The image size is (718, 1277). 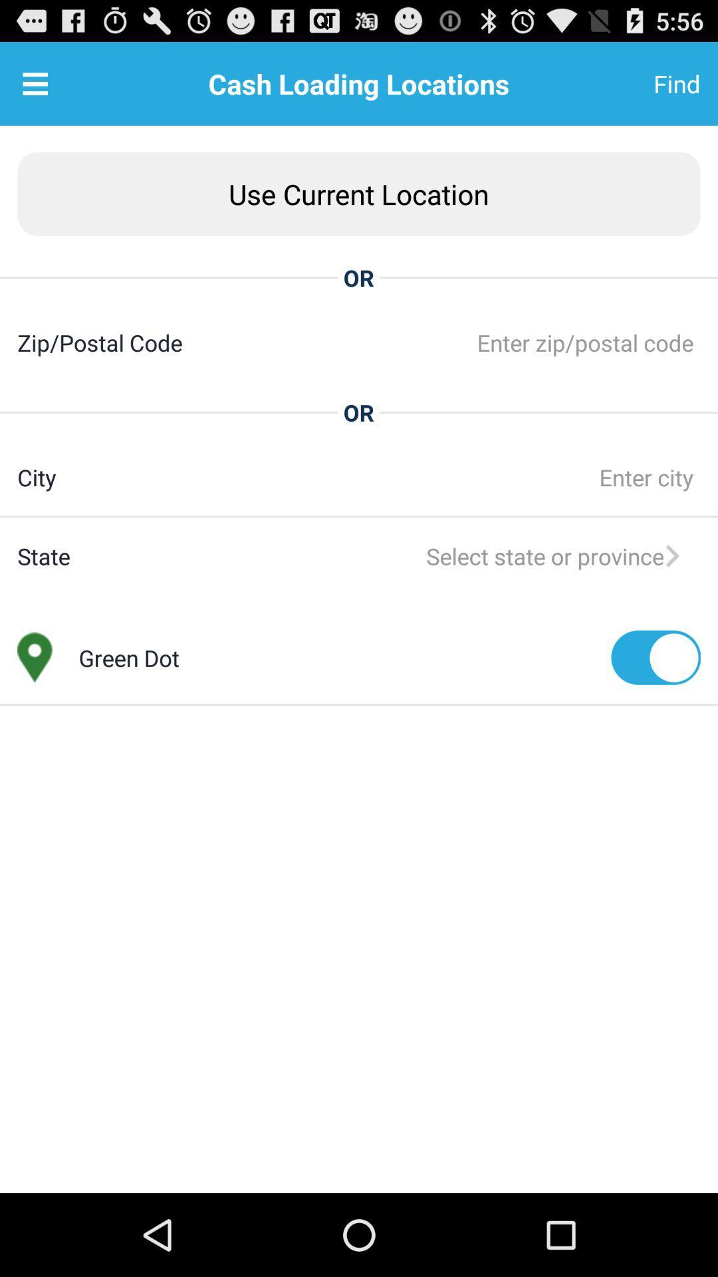 I want to click on find at the top right corner, so click(x=644, y=82).